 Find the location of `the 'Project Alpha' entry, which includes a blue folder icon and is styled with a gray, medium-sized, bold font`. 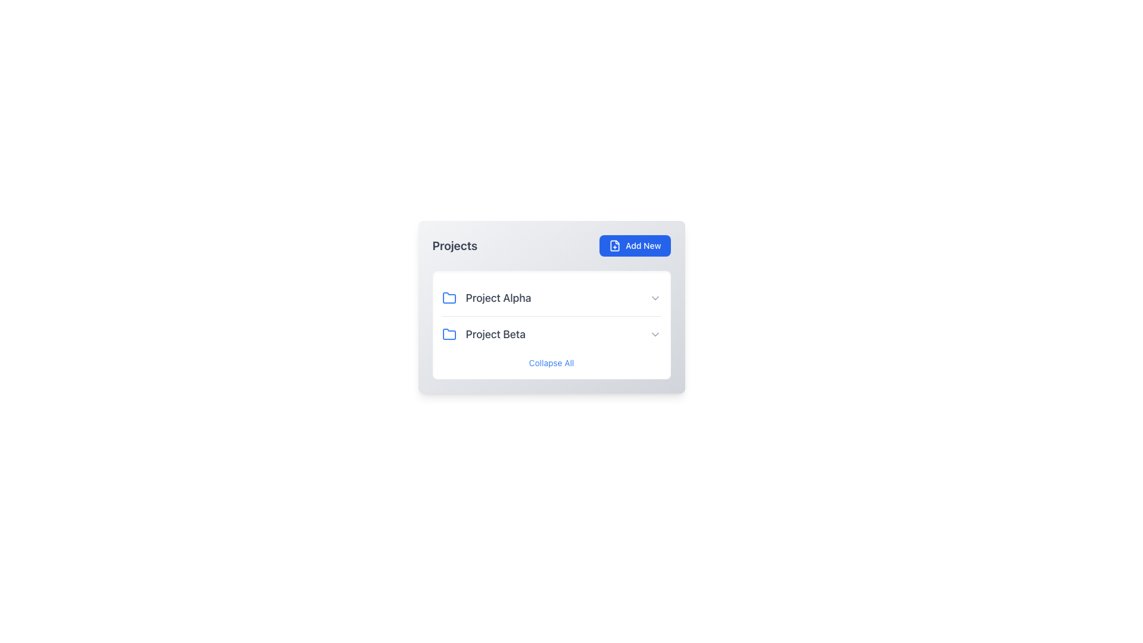

the 'Project Alpha' entry, which includes a blue folder icon and is styled with a gray, medium-sized, bold font is located at coordinates (486, 298).